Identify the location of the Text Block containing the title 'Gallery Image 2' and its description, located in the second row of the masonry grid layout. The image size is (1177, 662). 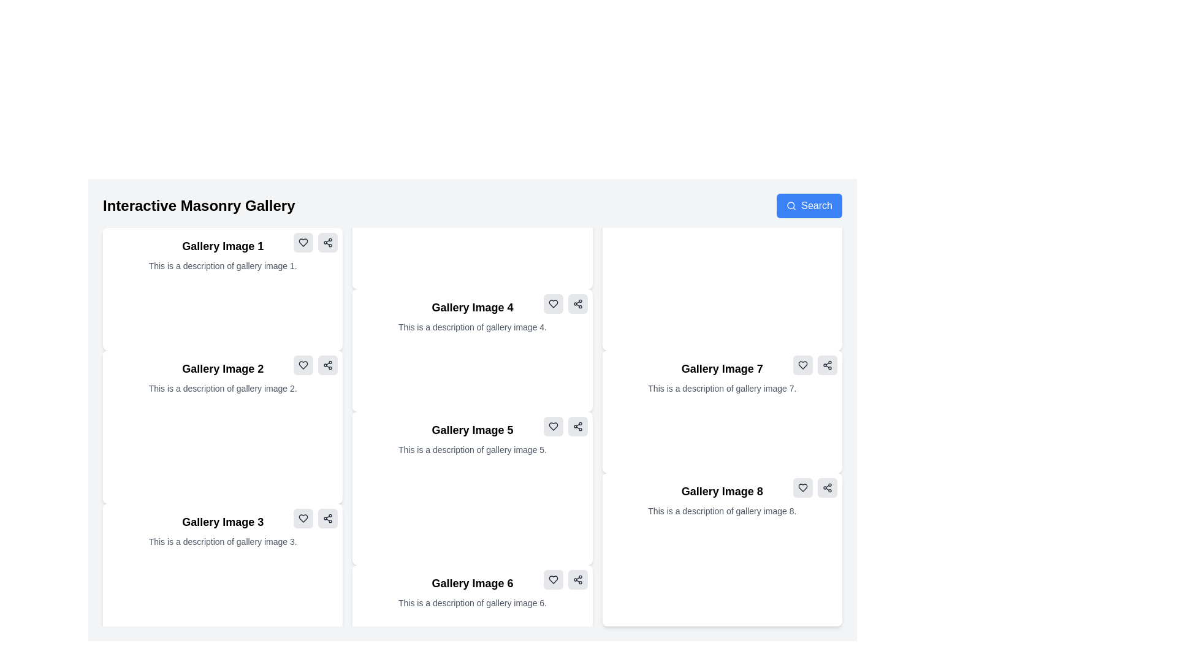
(223, 377).